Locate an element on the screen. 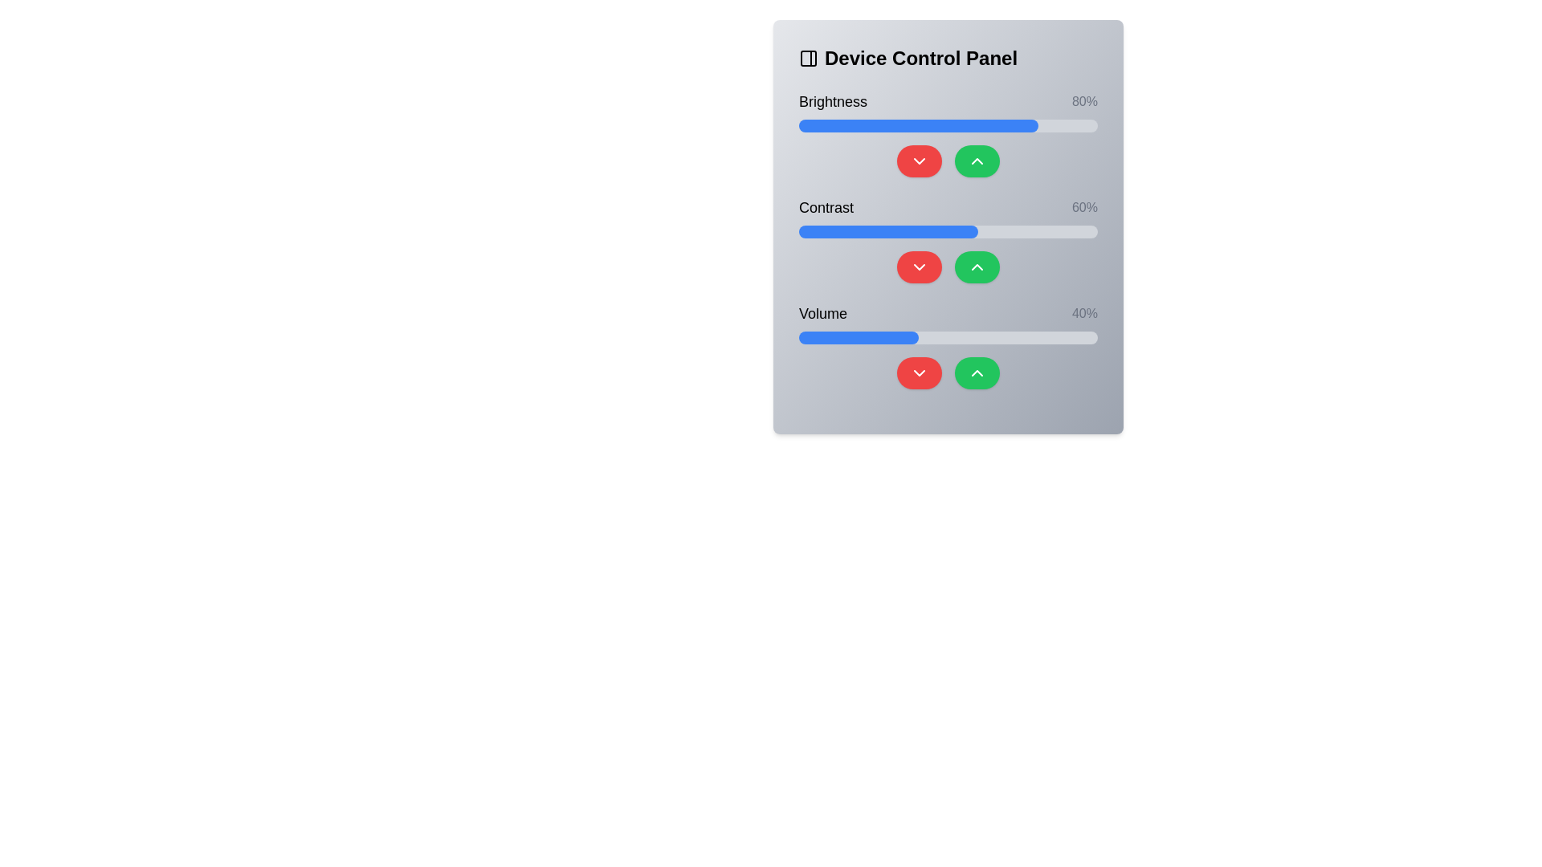 This screenshot has width=1542, height=867. the contrast is located at coordinates (1034, 232).